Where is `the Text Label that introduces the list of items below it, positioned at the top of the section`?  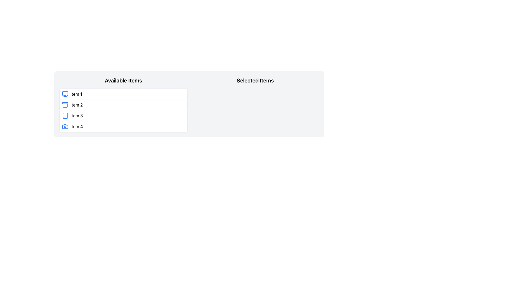 the Text Label that introduces the list of items below it, positioned at the top of the section is located at coordinates (123, 80).